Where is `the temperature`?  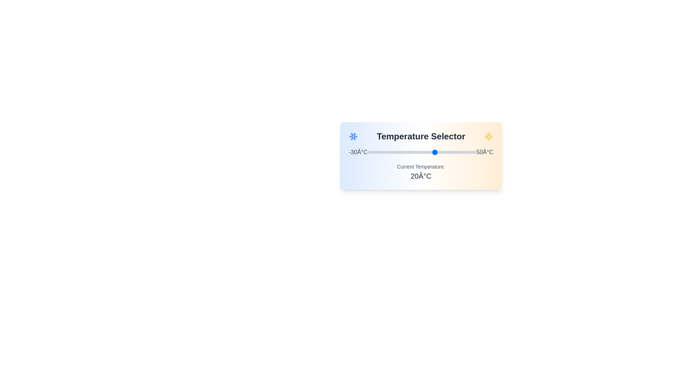 the temperature is located at coordinates (465, 152).